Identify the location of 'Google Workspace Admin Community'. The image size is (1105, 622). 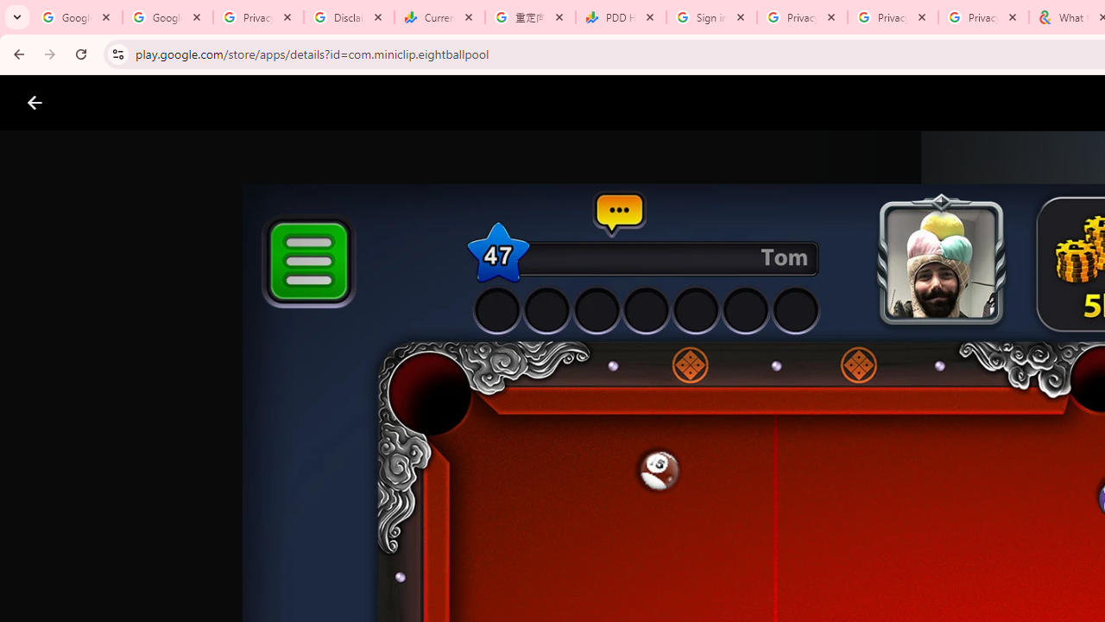
(76, 17).